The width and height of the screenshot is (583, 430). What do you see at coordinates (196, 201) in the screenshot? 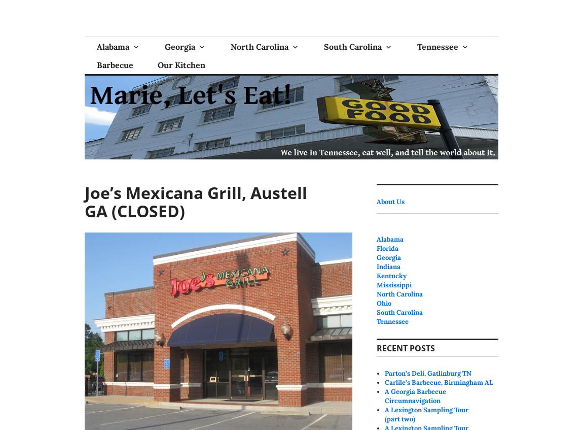
I see `'Joe’s Mexicana Grill, Austell GA (CLOSED)'` at bounding box center [196, 201].